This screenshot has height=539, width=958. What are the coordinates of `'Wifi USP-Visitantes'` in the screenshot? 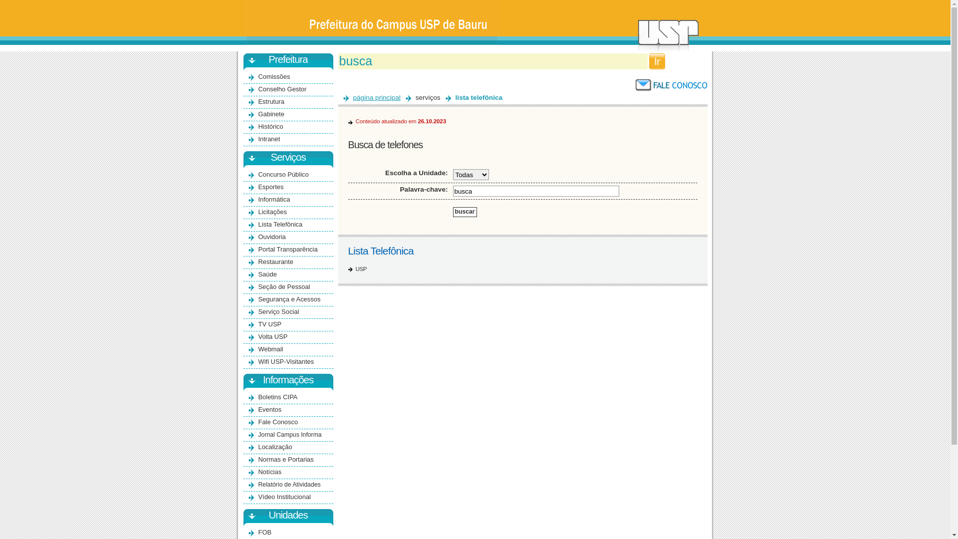 It's located at (258, 361).